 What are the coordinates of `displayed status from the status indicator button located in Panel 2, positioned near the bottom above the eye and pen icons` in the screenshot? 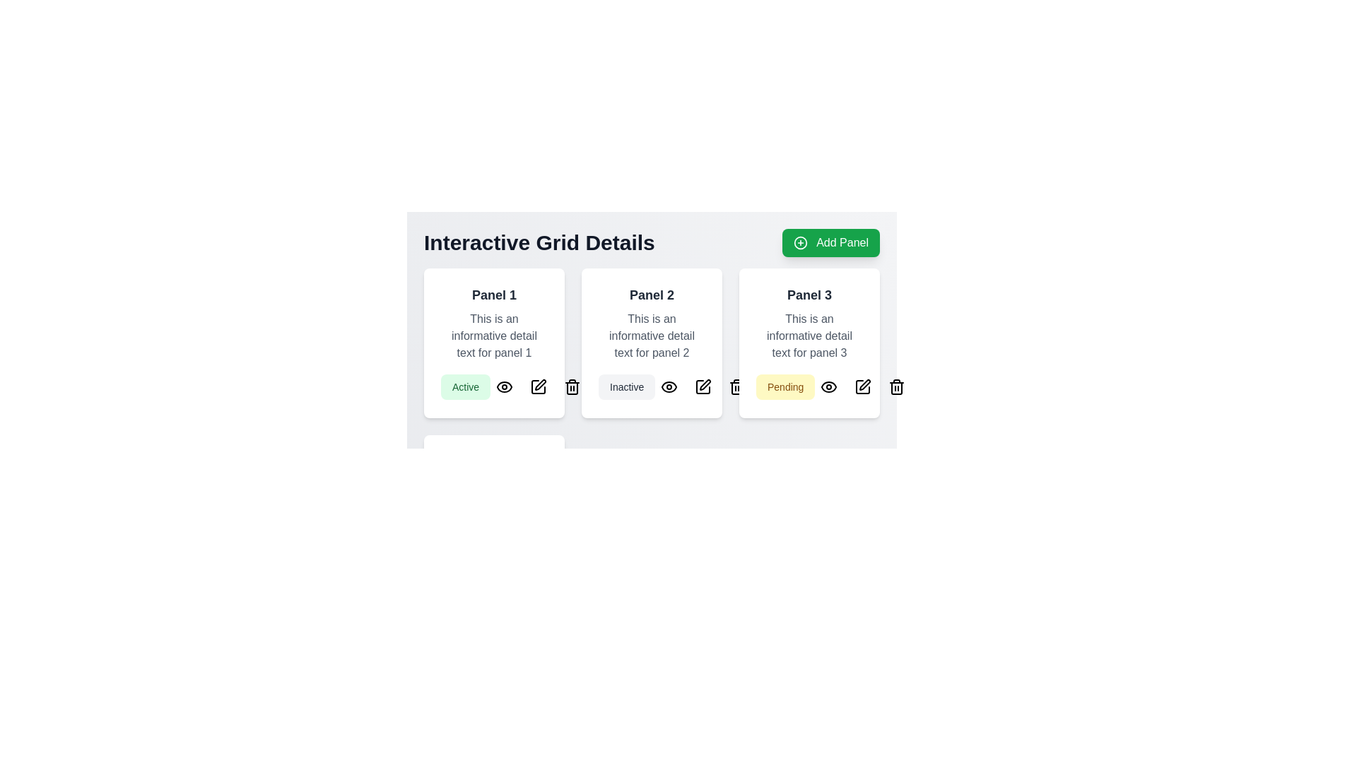 It's located at (651, 386).